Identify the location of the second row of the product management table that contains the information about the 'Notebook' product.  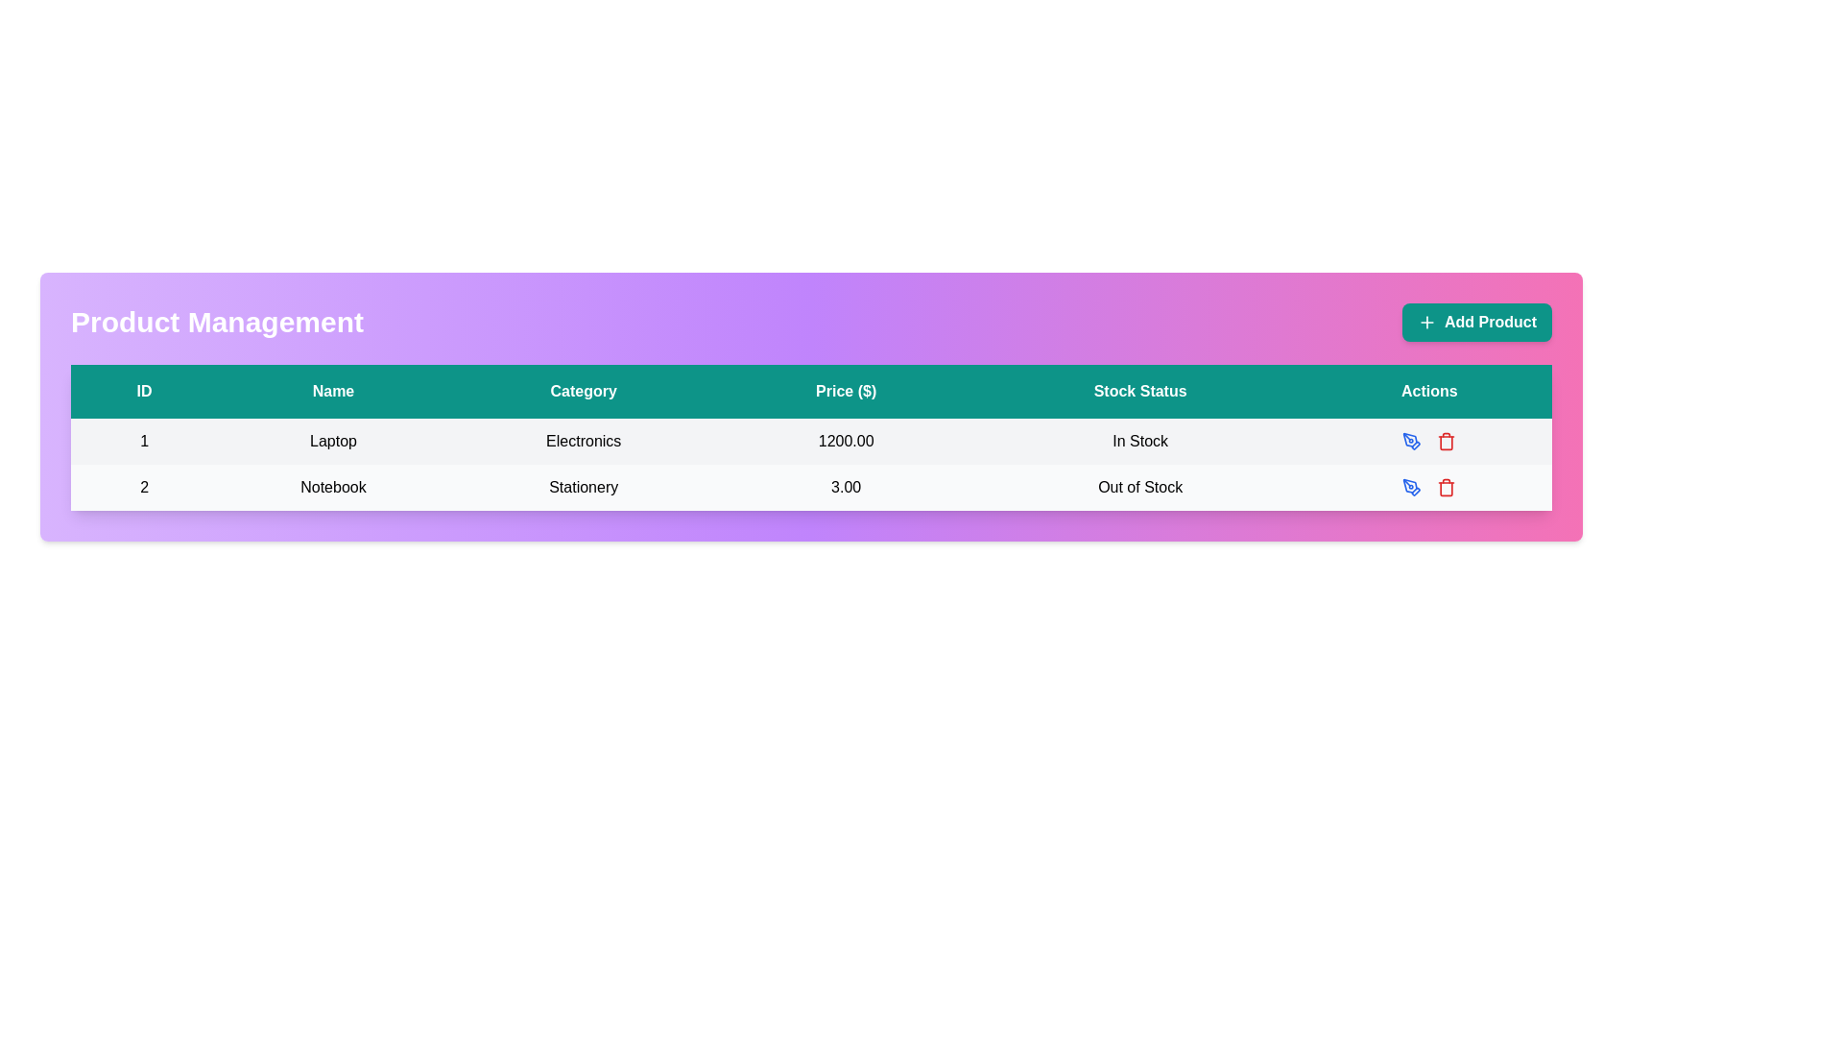
(811, 487).